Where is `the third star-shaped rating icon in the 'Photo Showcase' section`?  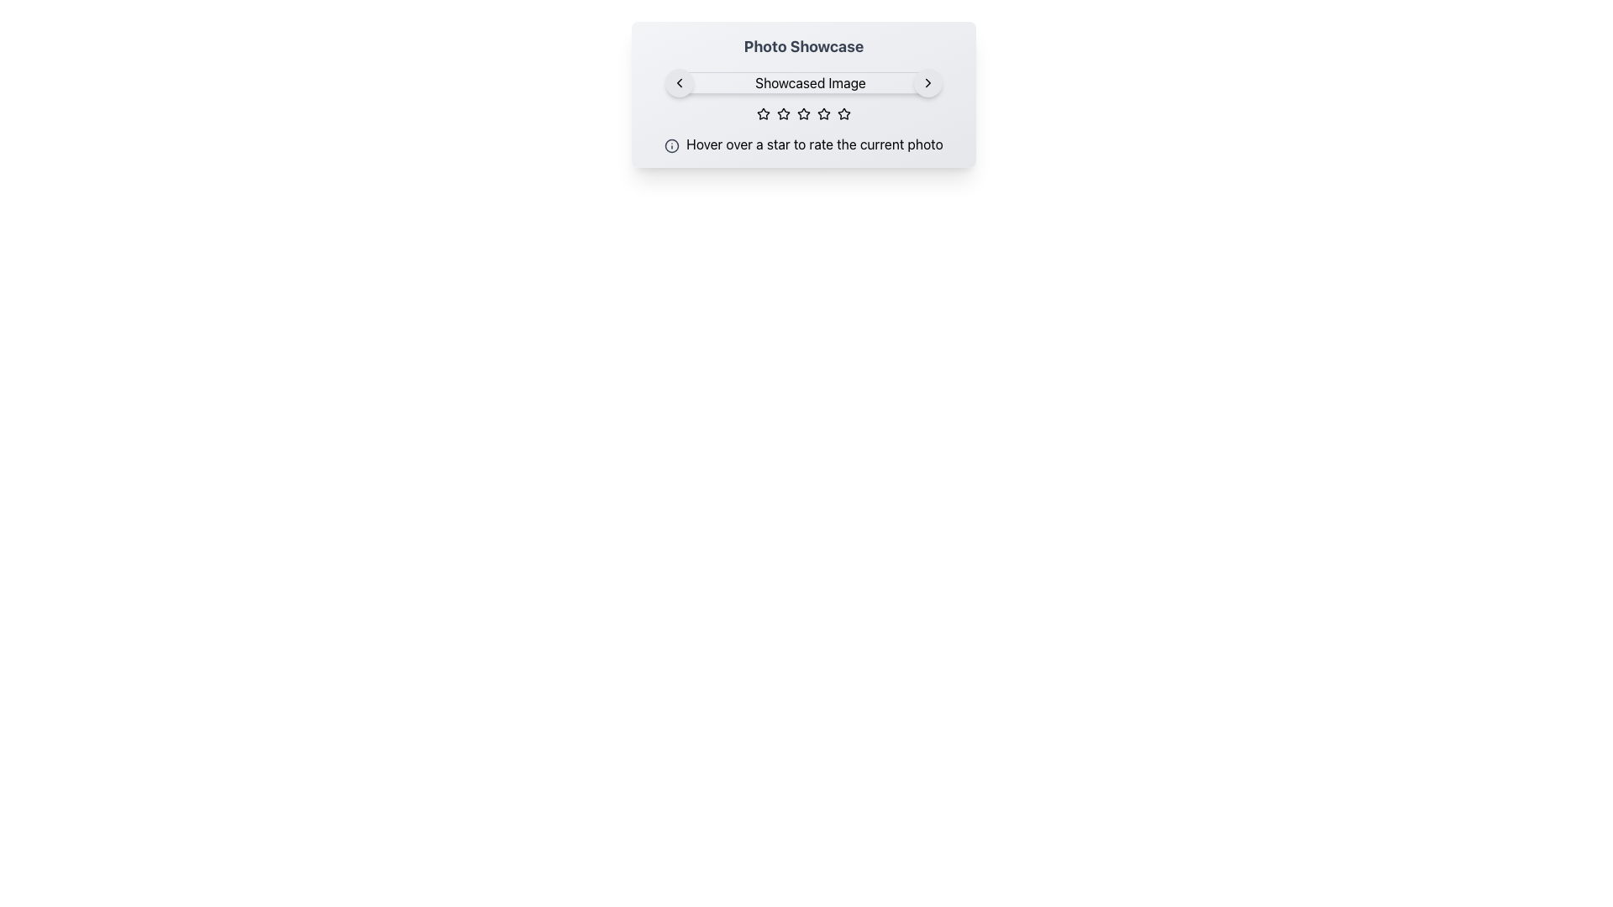
the third star-shaped rating icon in the 'Photo Showcase' section is located at coordinates (802, 113).